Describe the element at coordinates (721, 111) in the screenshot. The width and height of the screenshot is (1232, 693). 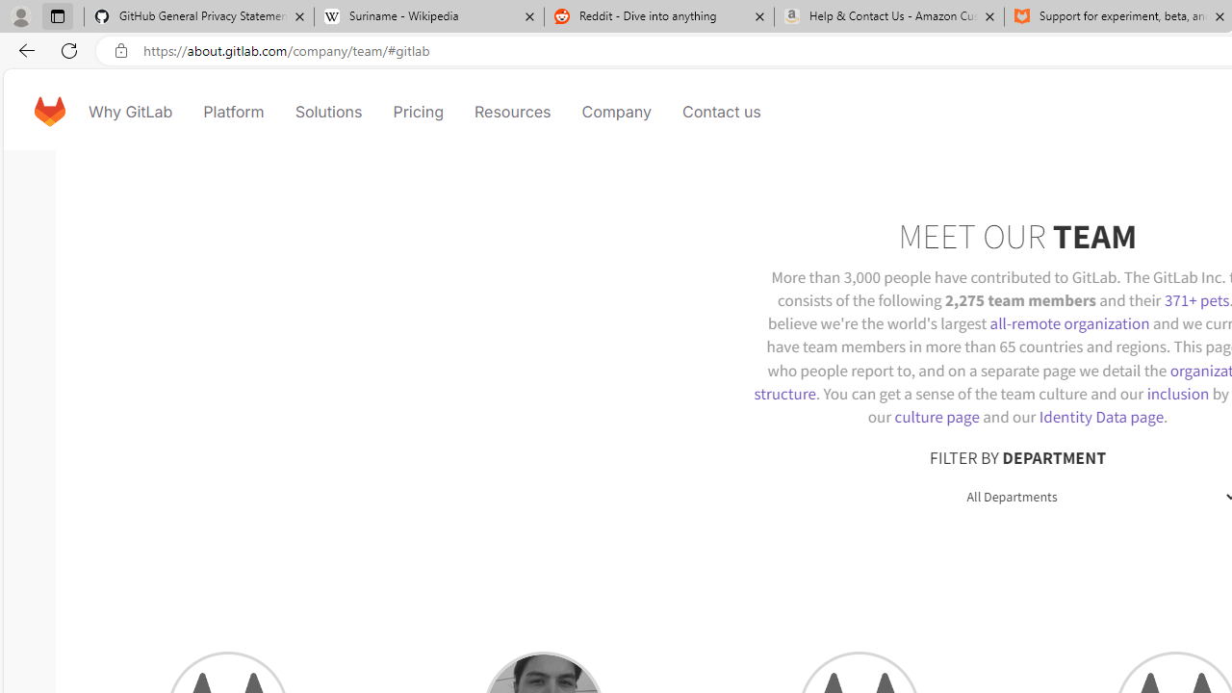
I see `'Contact us'` at that location.